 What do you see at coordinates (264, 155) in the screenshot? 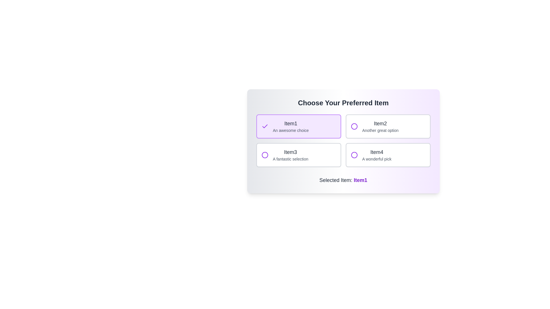
I see `the inner indication dot of the selected option in the 'Item3' radio button` at bounding box center [264, 155].